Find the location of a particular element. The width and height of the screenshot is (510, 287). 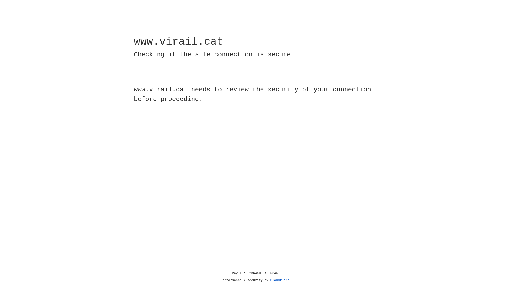

'Cloudflare' is located at coordinates (270, 280).